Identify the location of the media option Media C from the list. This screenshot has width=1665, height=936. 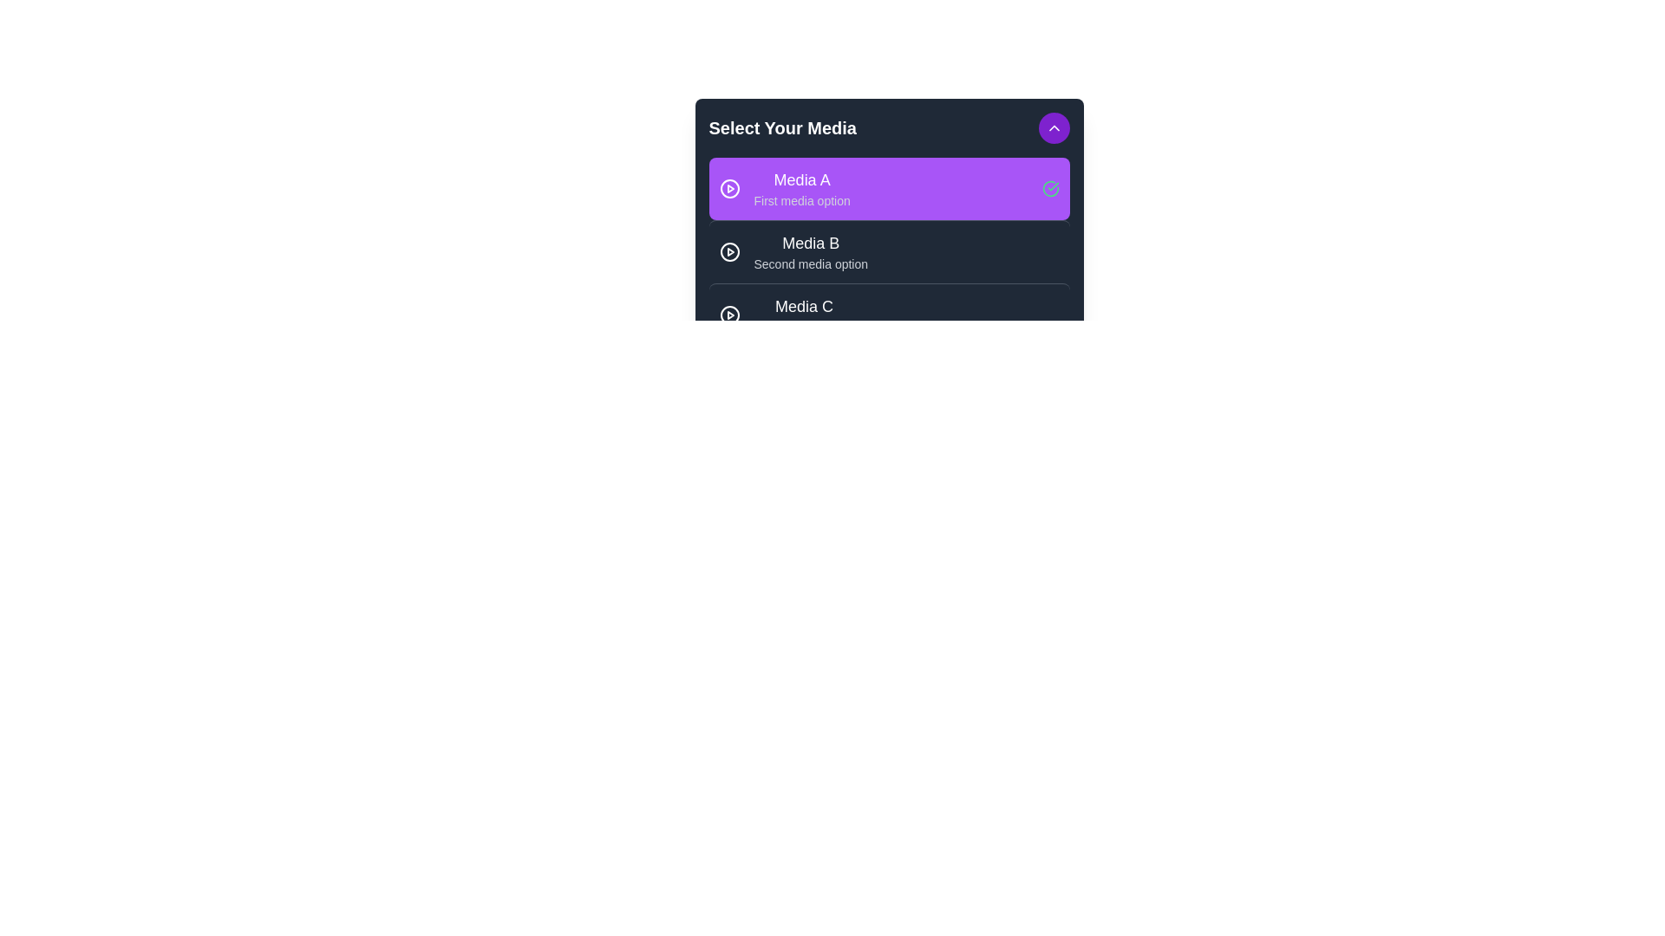
(889, 315).